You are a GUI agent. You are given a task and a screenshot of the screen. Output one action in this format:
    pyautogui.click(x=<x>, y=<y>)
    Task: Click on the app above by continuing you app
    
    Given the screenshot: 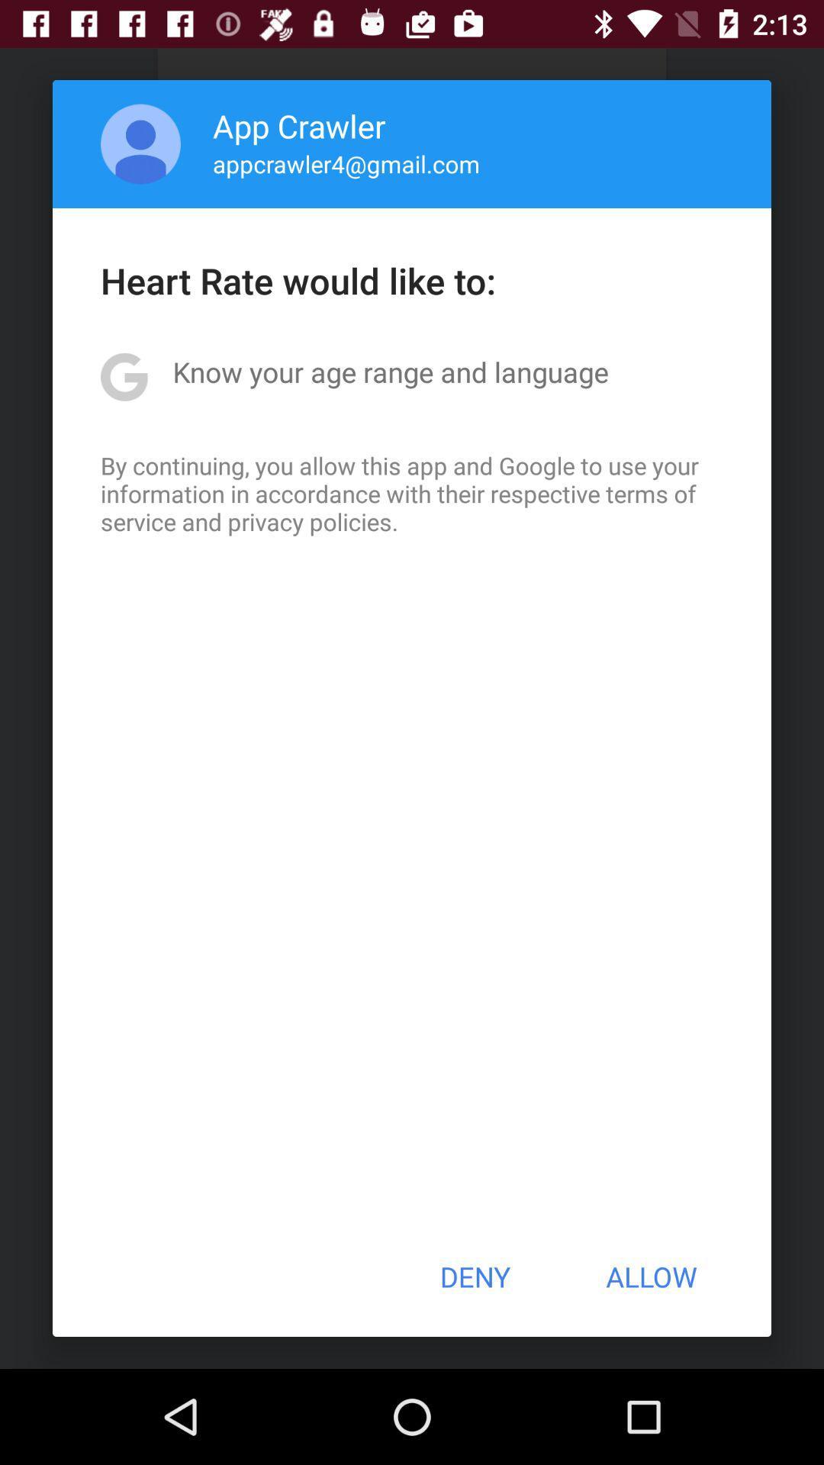 What is the action you would take?
    pyautogui.click(x=390, y=372)
    